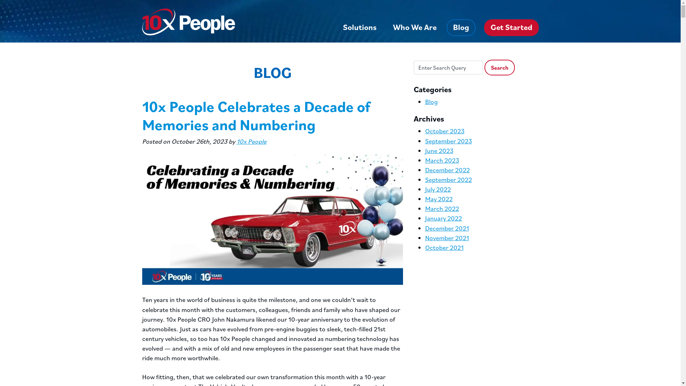  What do you see at coordinates (442, 208) in the screenshot?
I see `'March 2022'` at bounding box center [442, 208].